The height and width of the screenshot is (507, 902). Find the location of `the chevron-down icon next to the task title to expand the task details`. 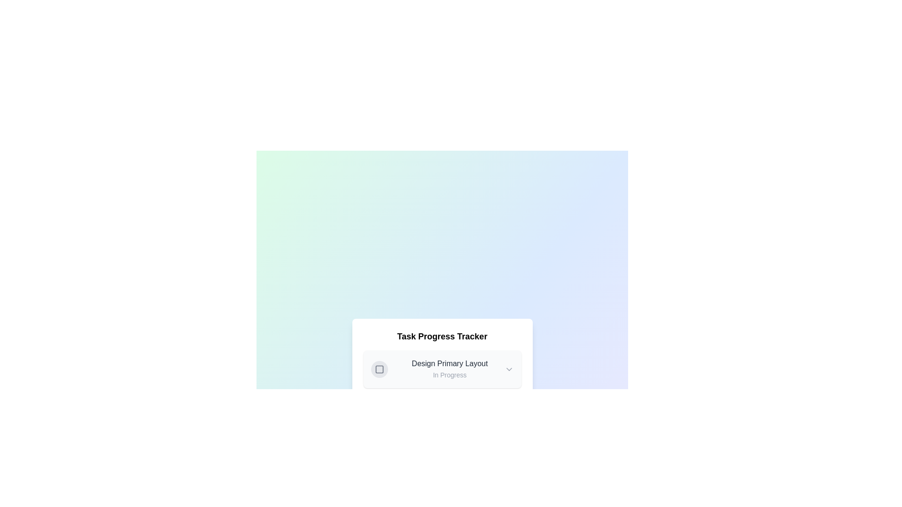

the chevron-down icon next to the task title to expand the task details is located at coordinates (508, 369).